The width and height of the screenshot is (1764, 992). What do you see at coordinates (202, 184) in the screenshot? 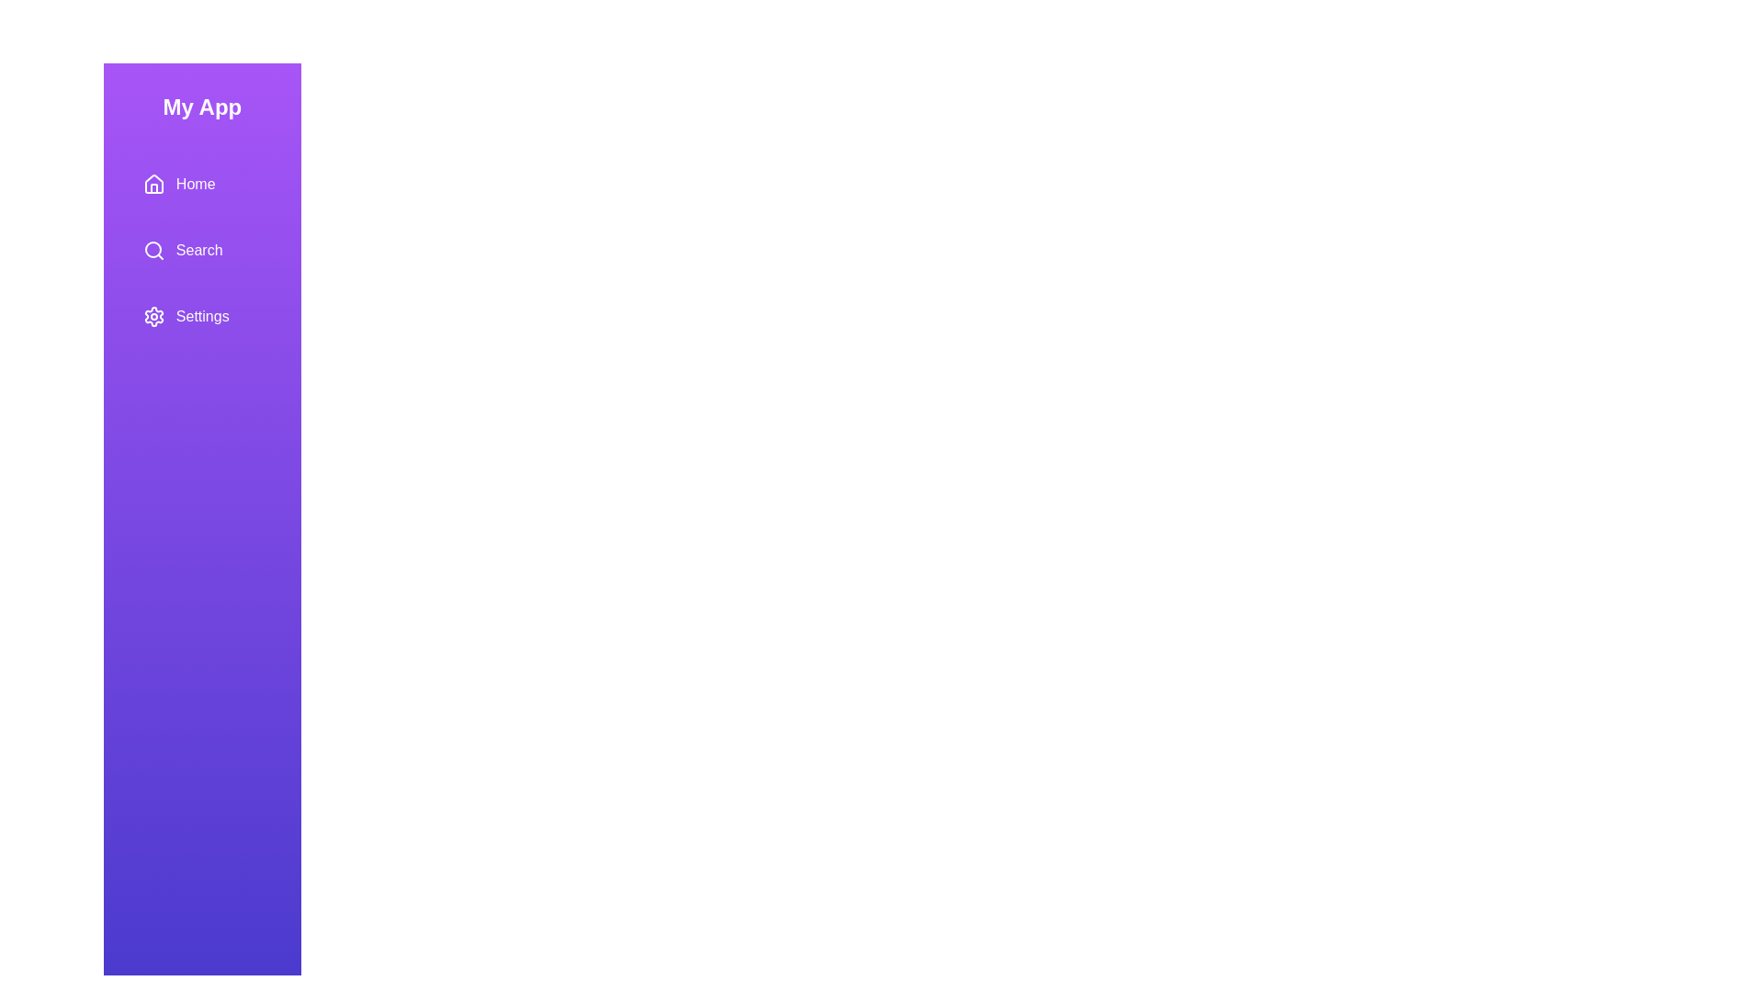
I see `the Home menu option` at bounding box center [202, 184].